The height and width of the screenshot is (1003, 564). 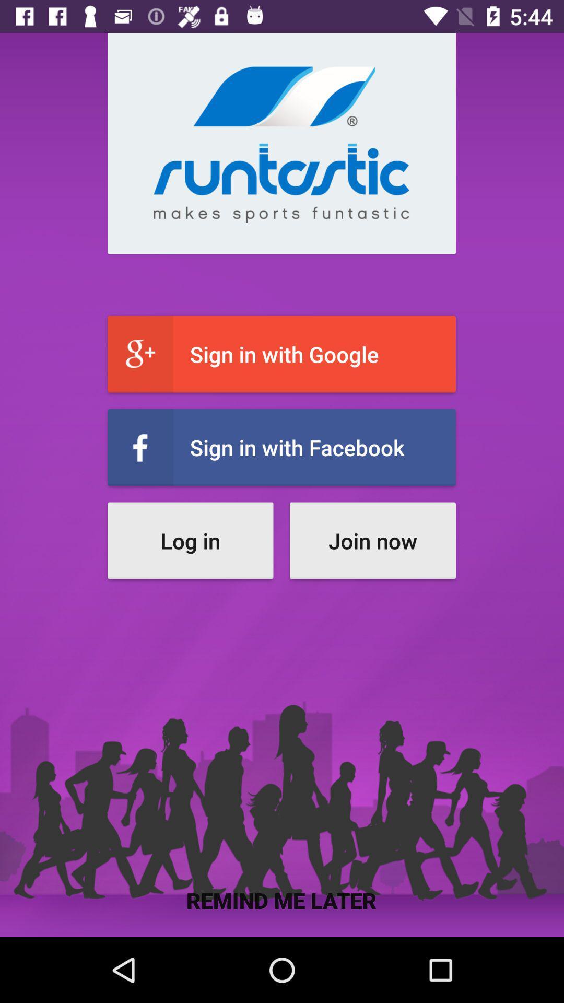 I want to click on remind me later button, so click(x=281, y=900).